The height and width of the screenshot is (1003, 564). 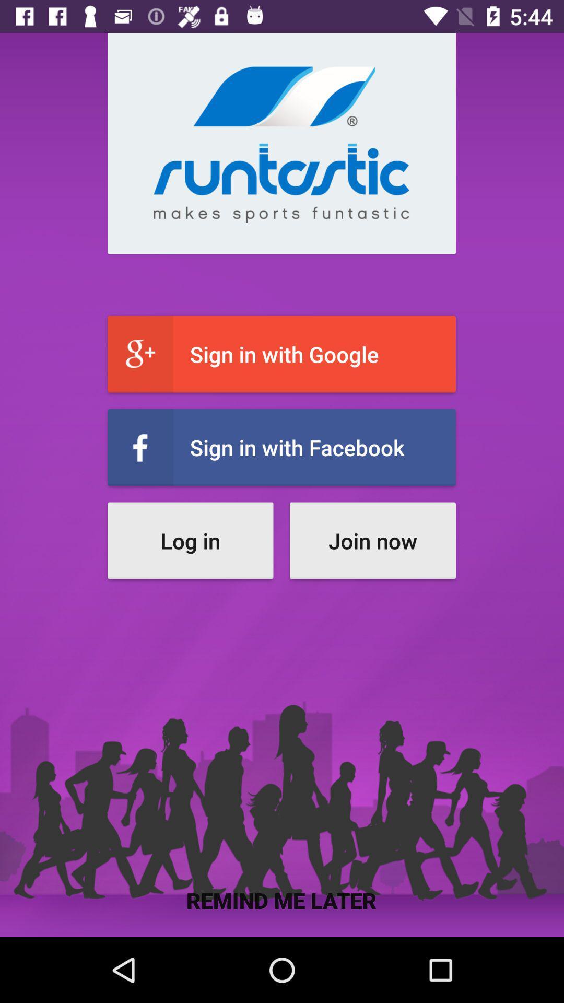 I want to click on remind me later button, so click(x=281, y=900).